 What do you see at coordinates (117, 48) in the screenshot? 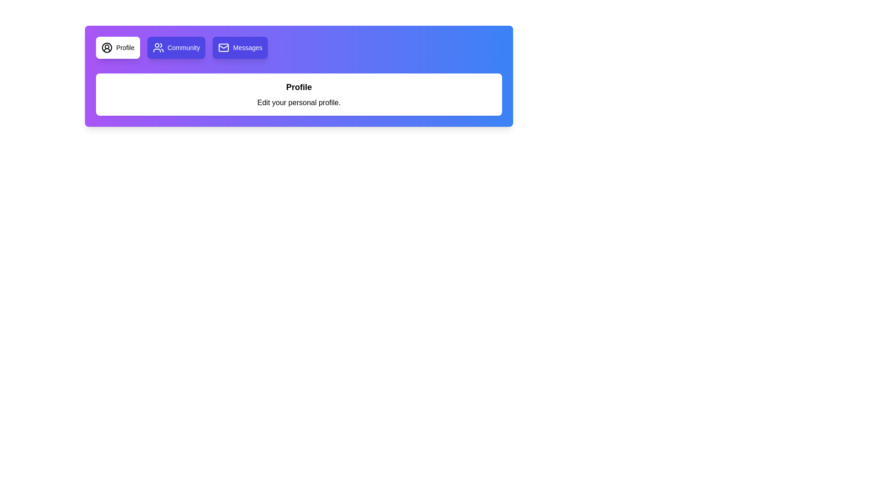
I see `the tab labeled Profile to view its content` at bounding box center [117, 48].